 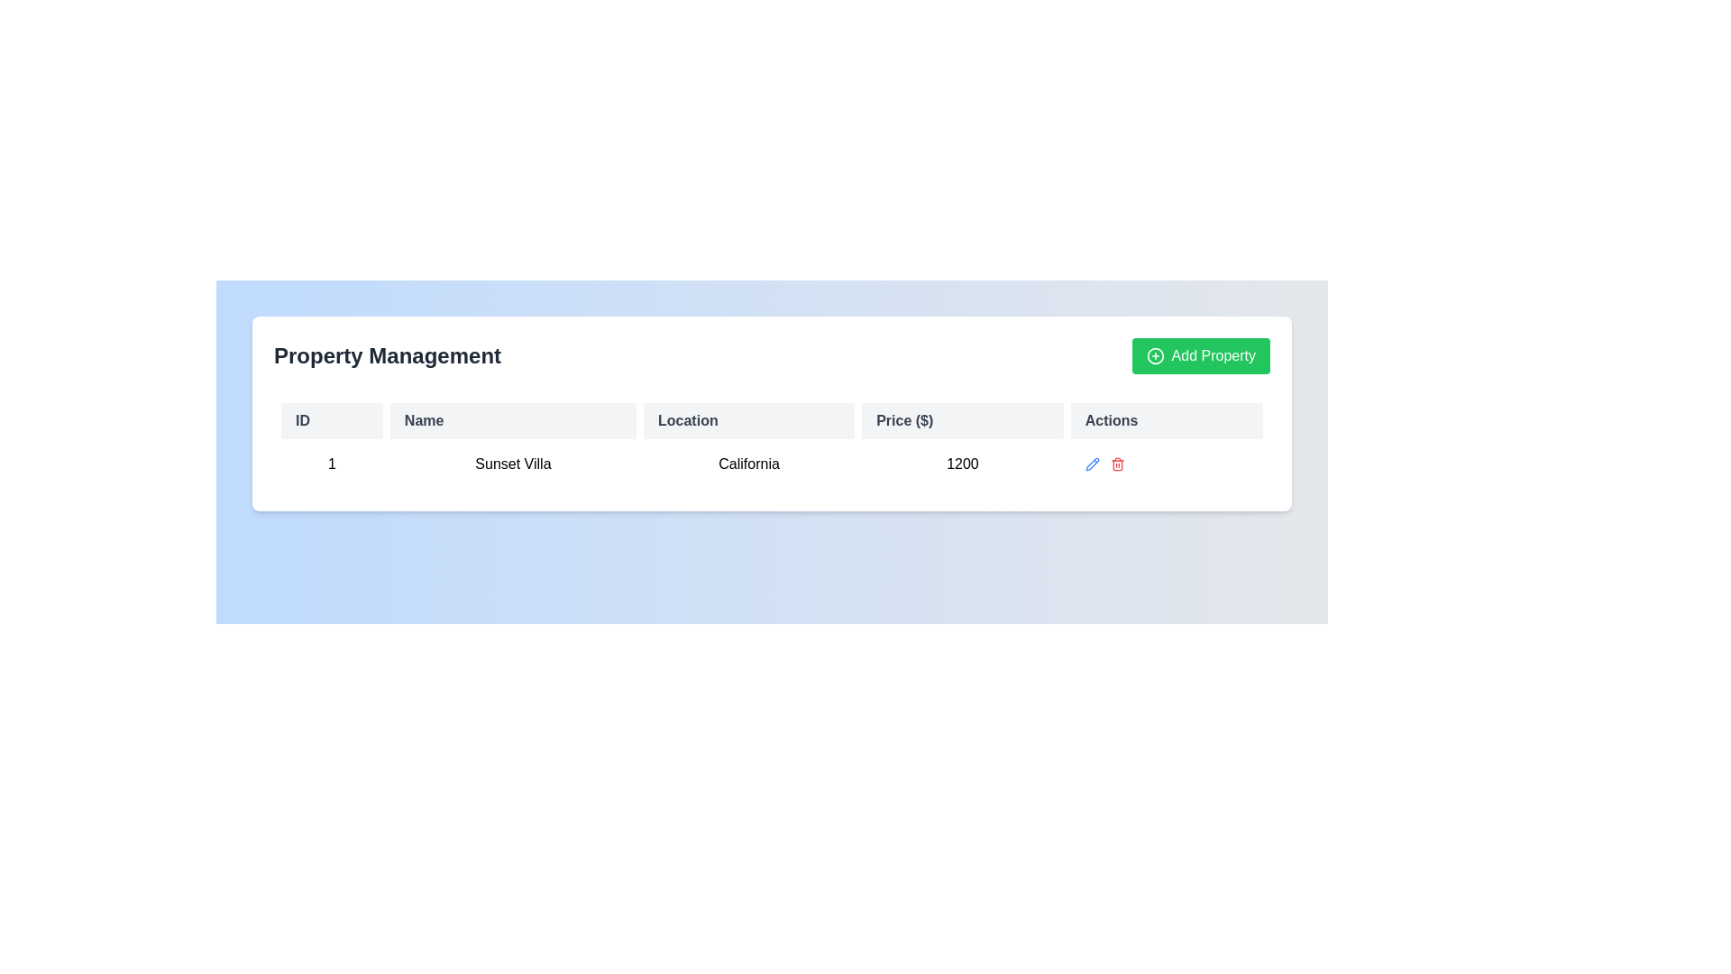 I want to click on the Interactive Icon (Edit Button) located in the 'Actions' column of the first row of the table, so click(x=1091, y=464).